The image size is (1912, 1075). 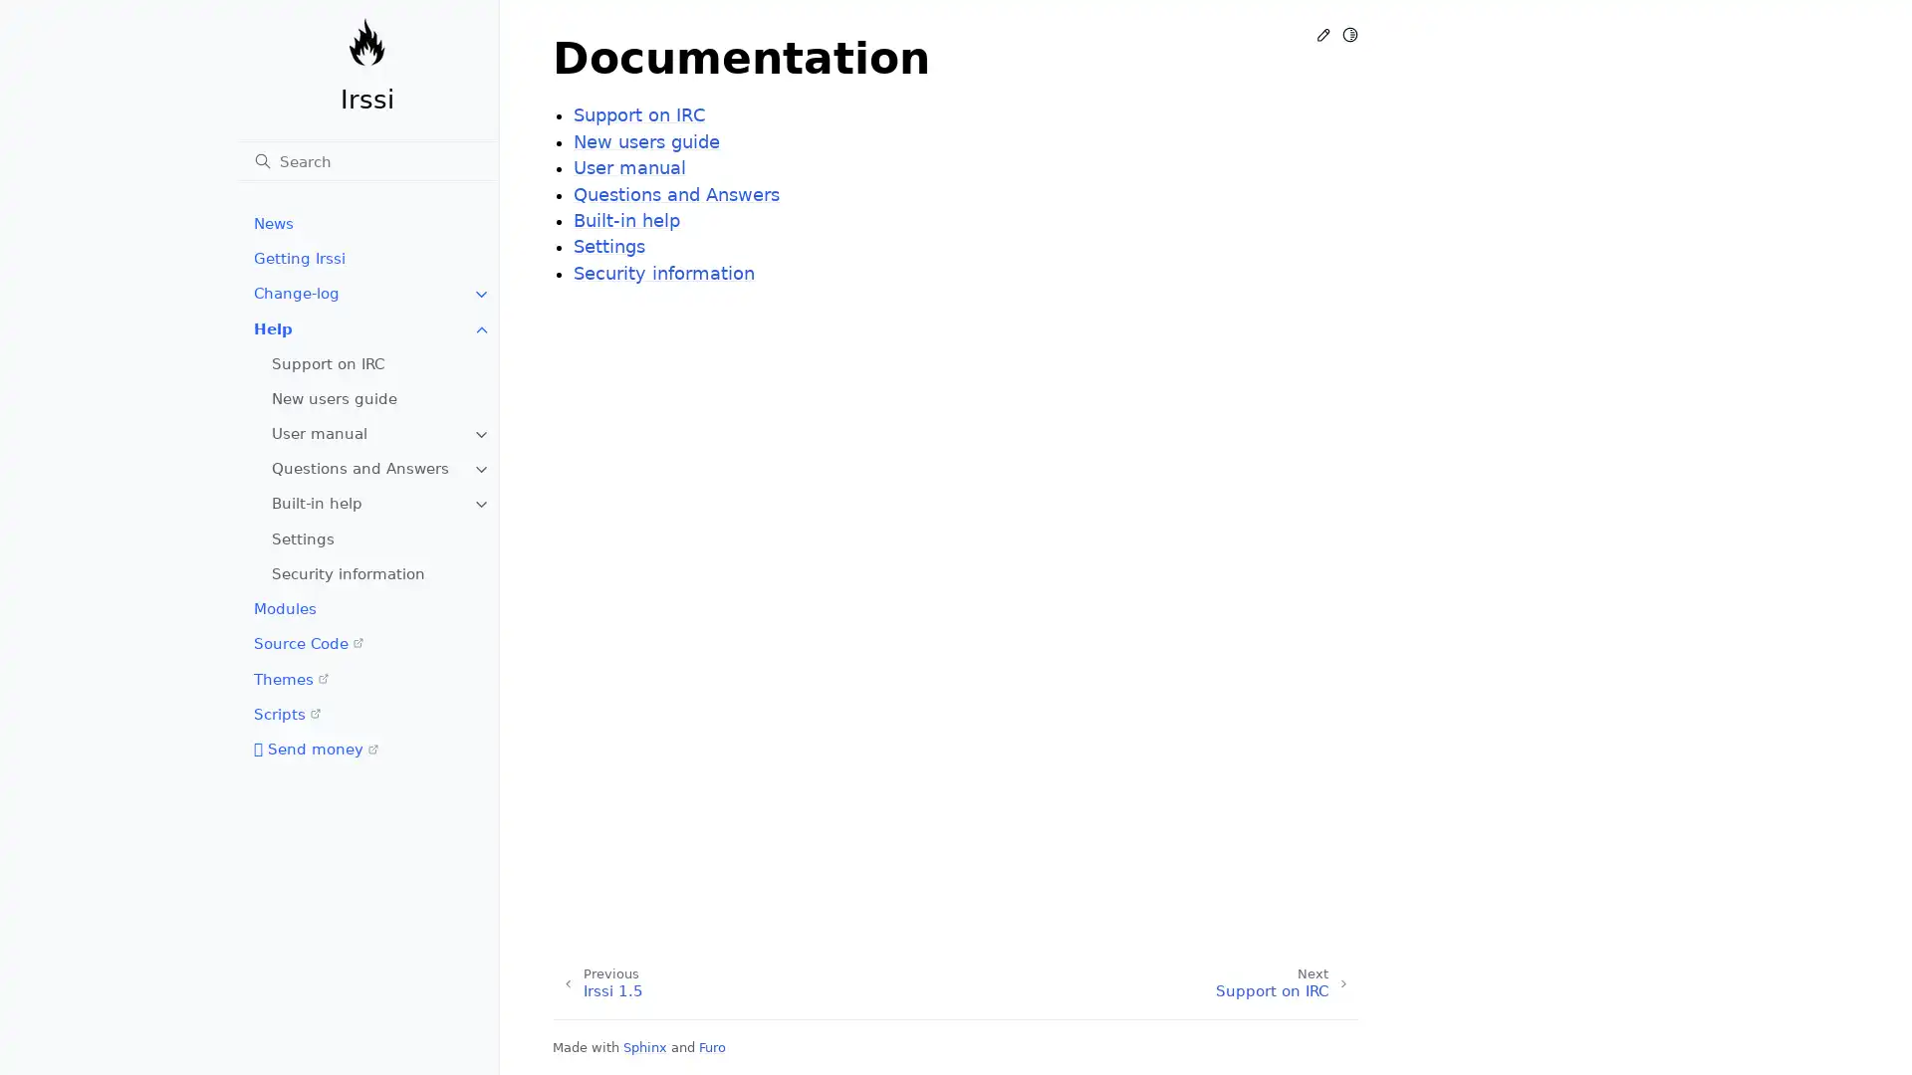 I want to click on Toggle Light / Dark / Auto color theme, so click(x=1349, y=34).